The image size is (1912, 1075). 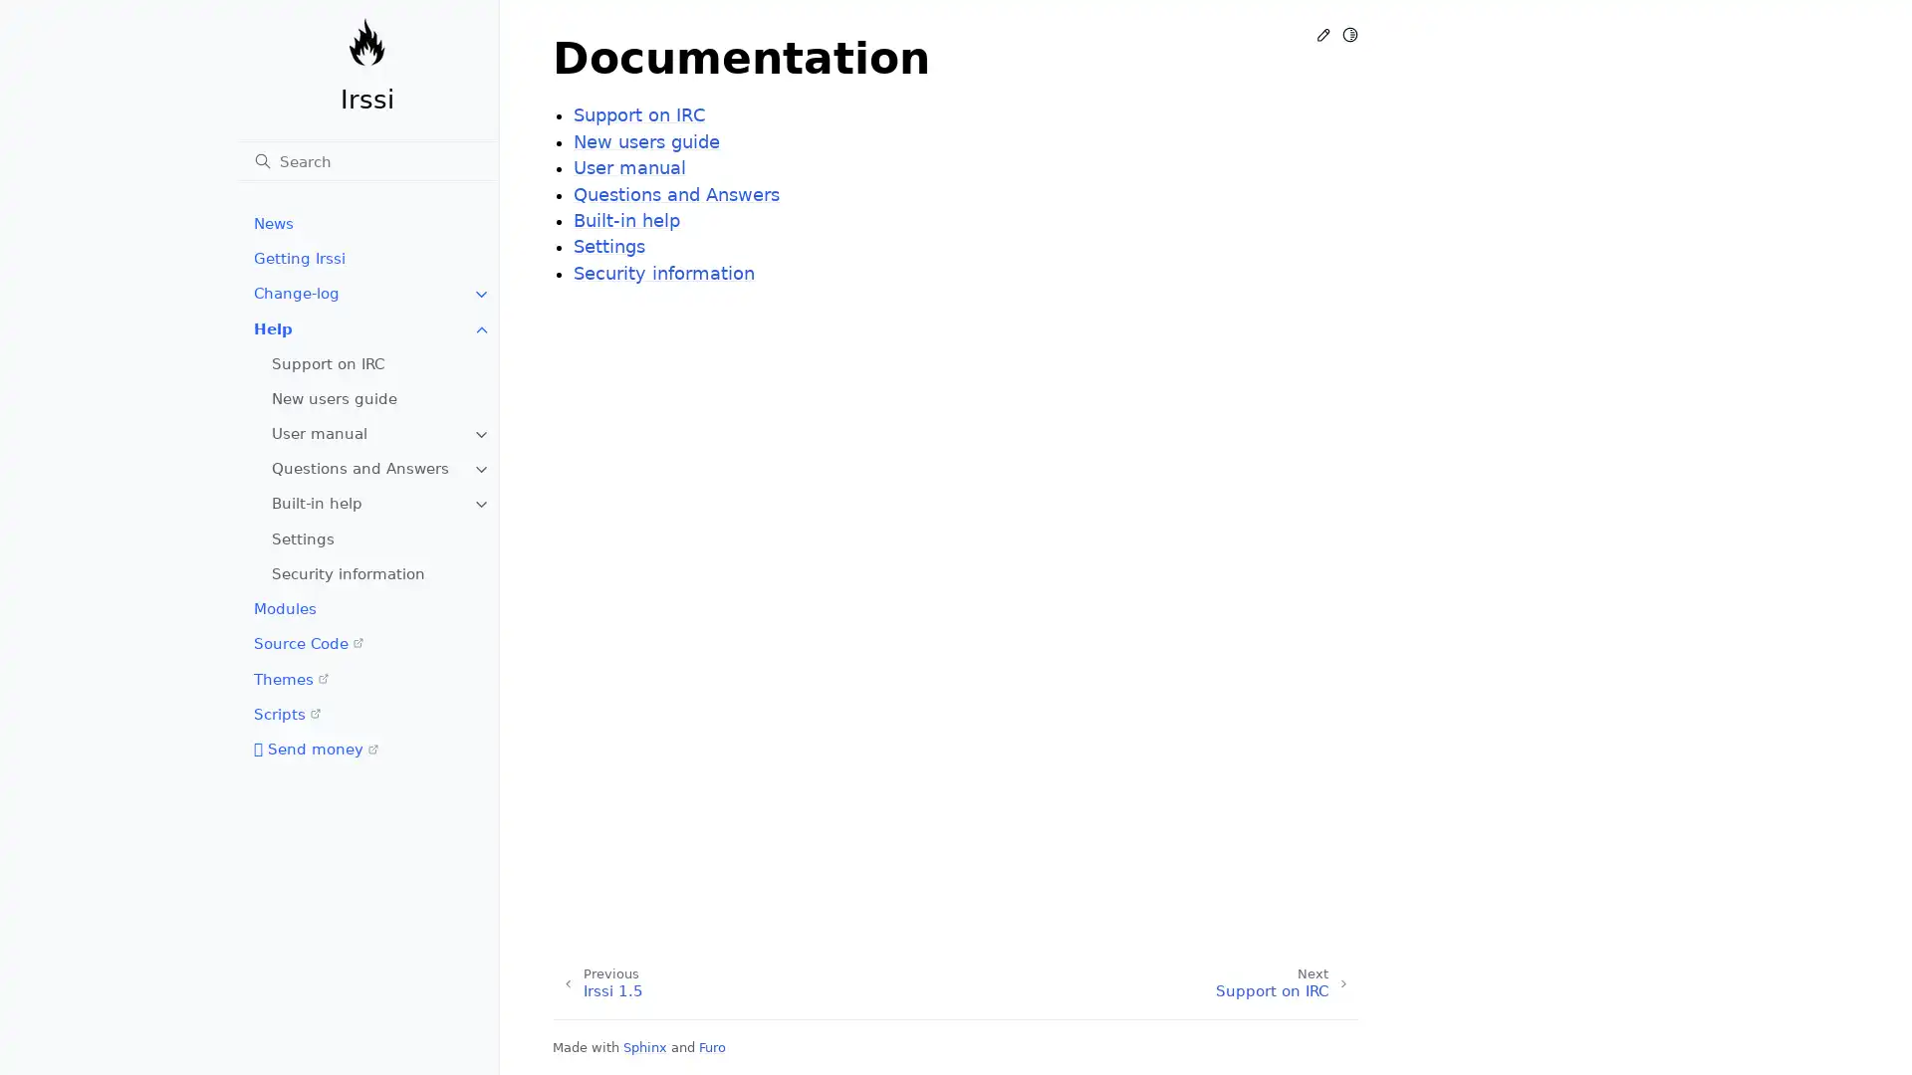 I want to click on Toggle Light / Dark / Auto color theme, so click(x=1349, y=34).